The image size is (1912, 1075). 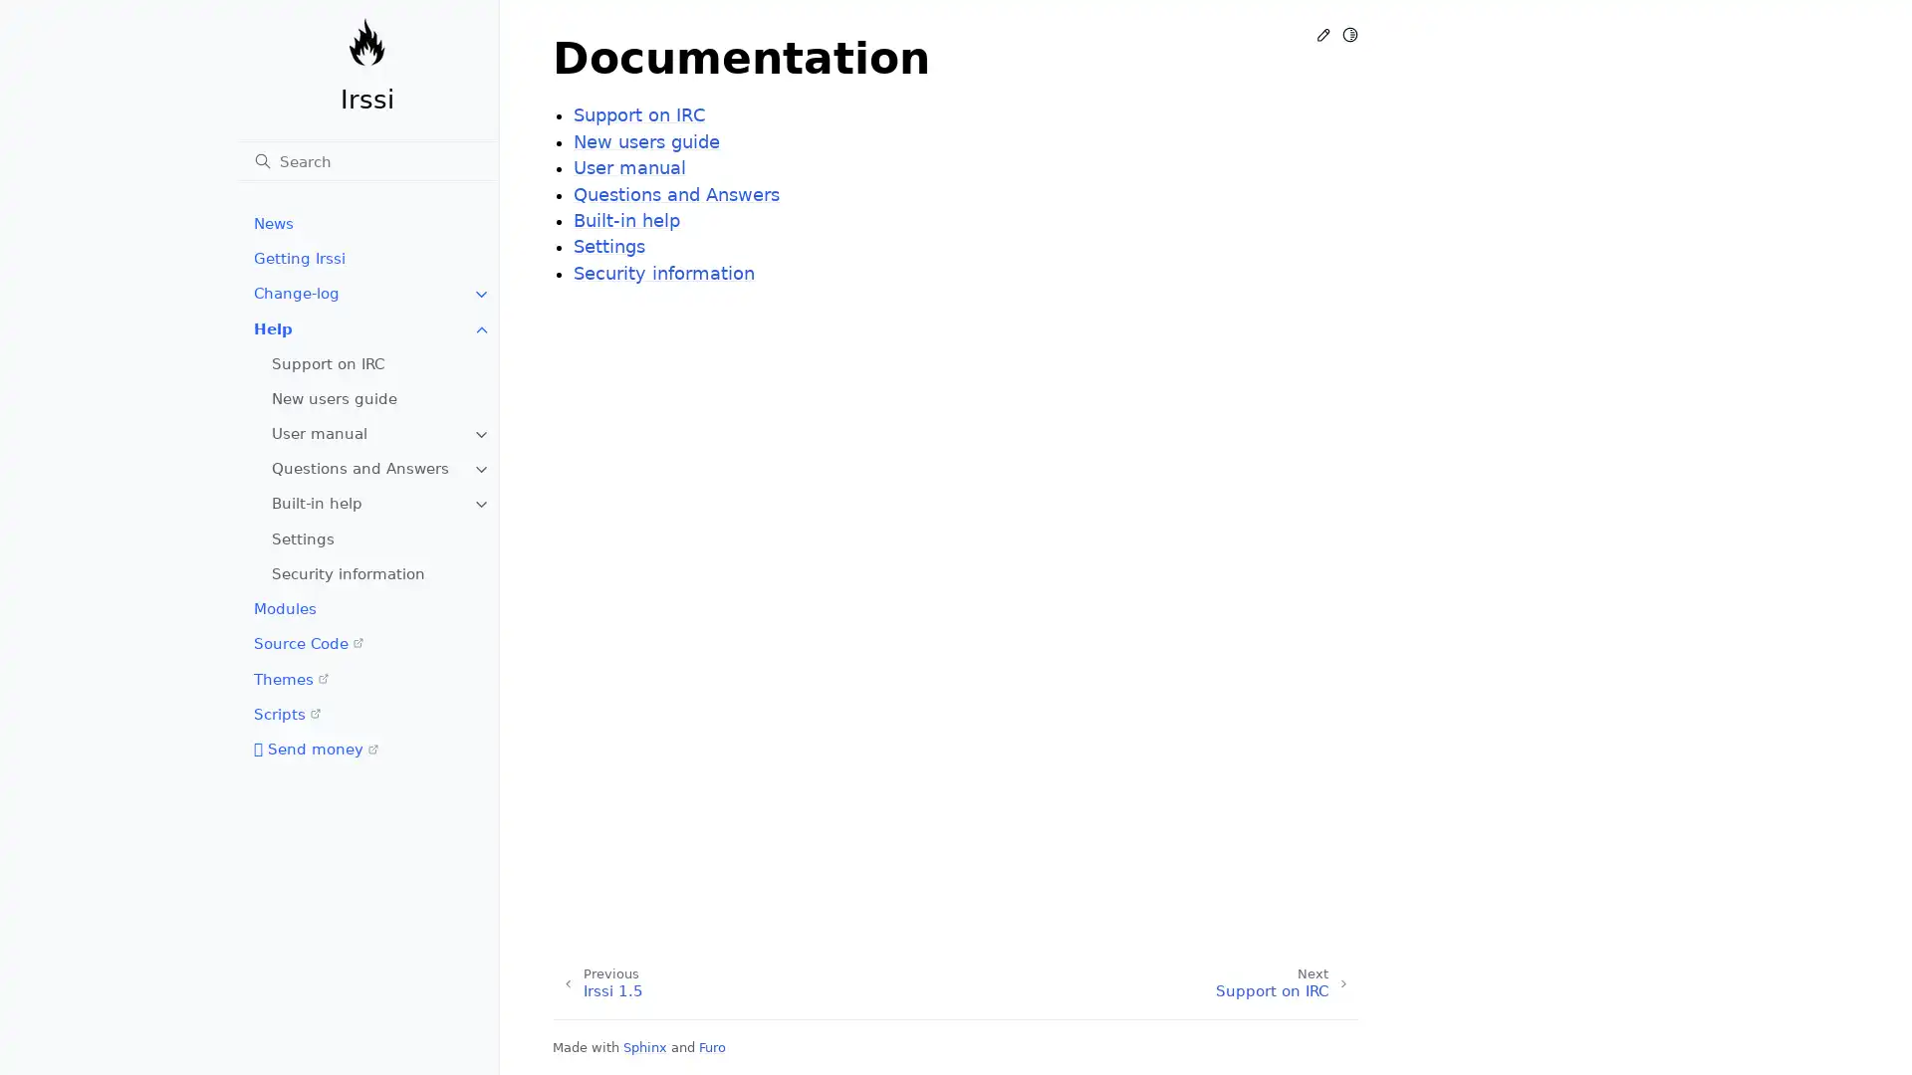 I want to click on Toggle Light / Dark / Auto color theme, so click(x=1349, y=34).